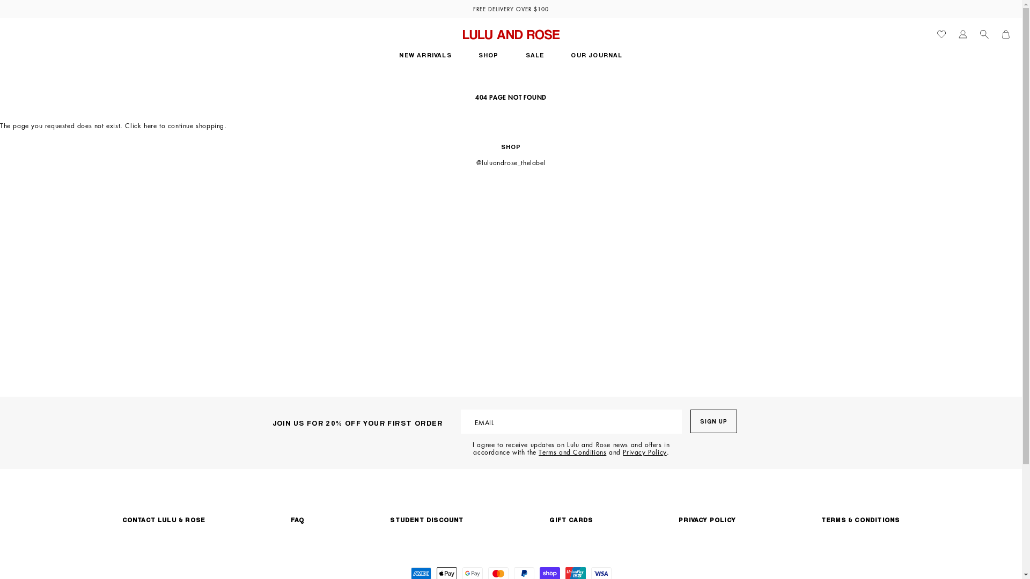  Describe the element at coordinates (571, 452) in the screenshot. I see `'Terms and Conditions'` at that location.